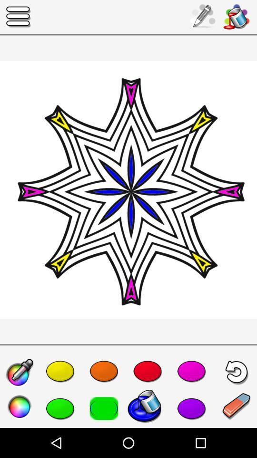  Describe the element at coordinates (19, 16) in the screenshot. I see `the icon at the top left corner` at that location.